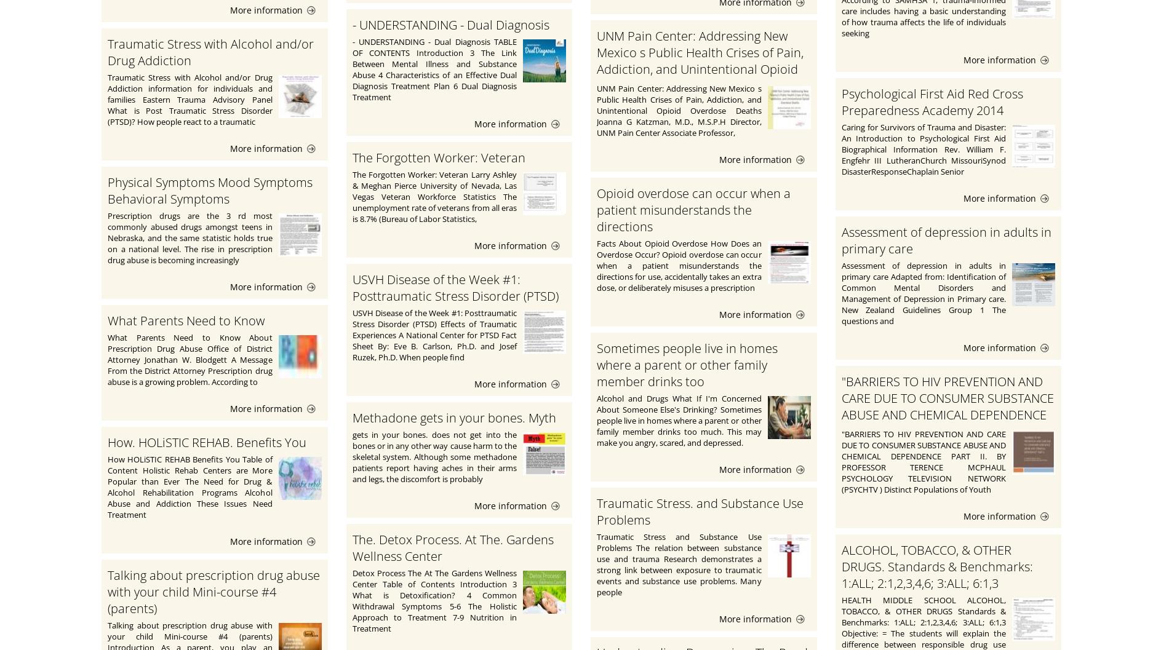 This screenshot has width=1169, height=650. Describe the element at coordinates (679, 565) in the screenshot. I see `'Traumatic Stress and Substance Use Problems The relation between substance use and trauma Research demonstrates a strong link between exposure to traumatic events and substance use problems. Many people'` at that location.